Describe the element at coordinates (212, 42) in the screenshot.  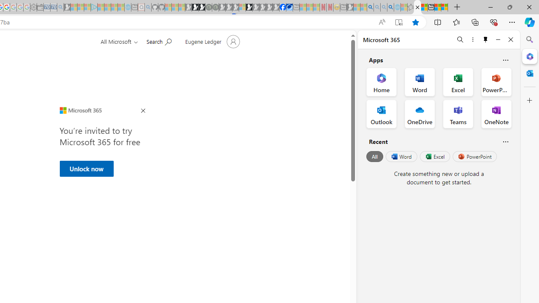
I see `'Account manager for Eugene Ledger'` at that location.